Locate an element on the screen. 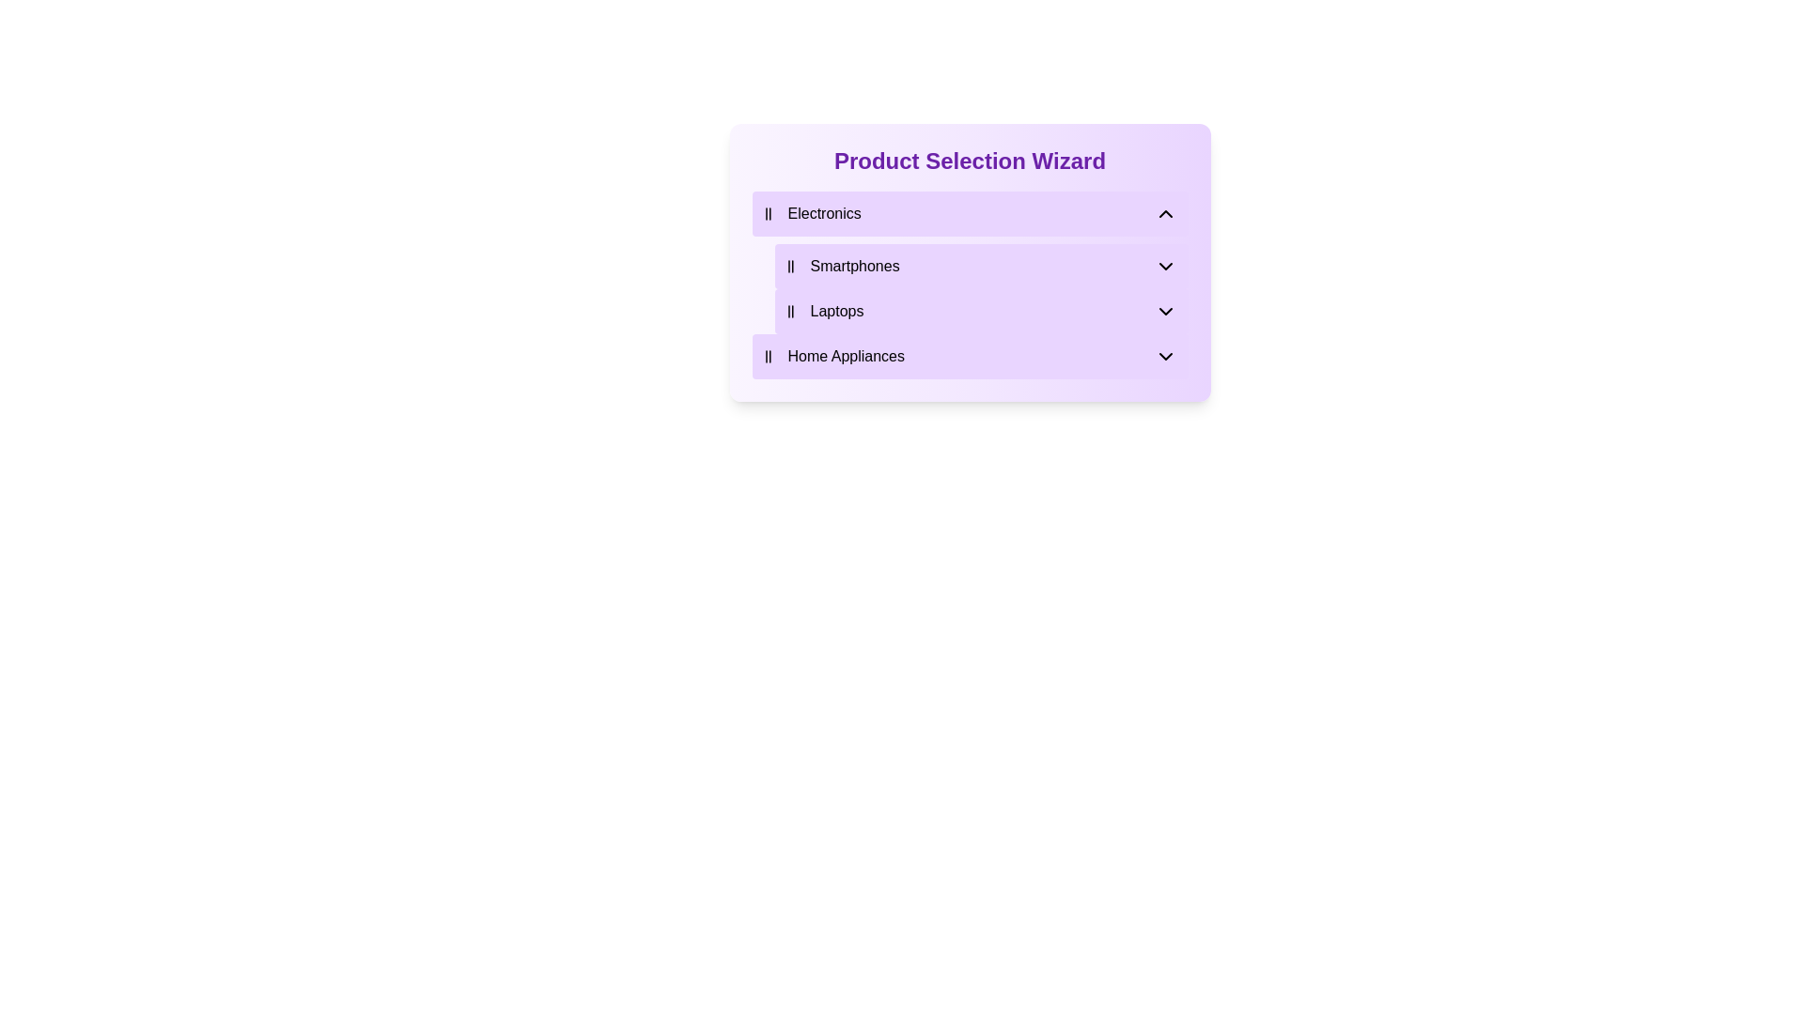 Image resolution: width=1804 pixels, height=1014 pixels. the chevron icon located to the far right of the 'Home Appliances' label is located at coordinates (1164, 357).